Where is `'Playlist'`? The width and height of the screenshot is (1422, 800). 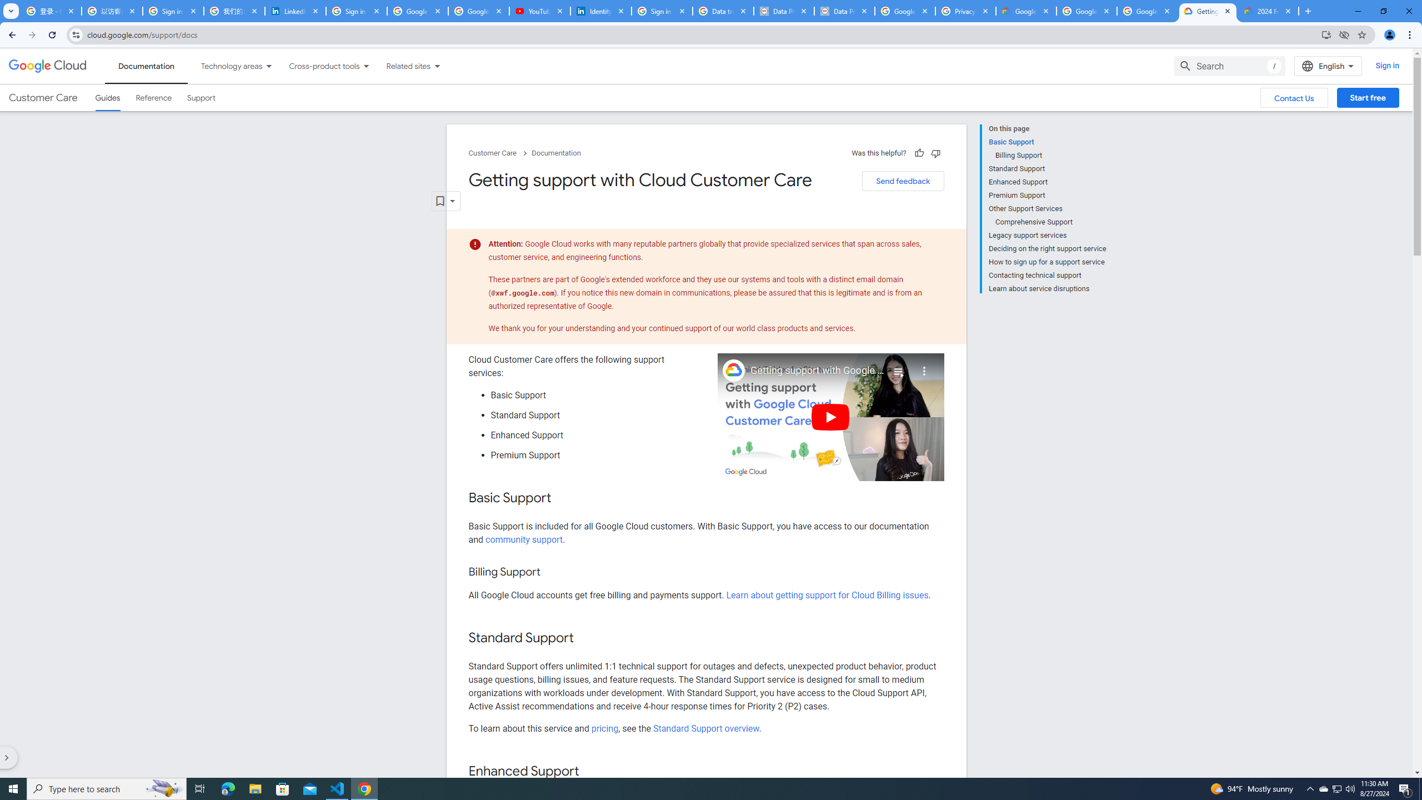 'Playlist' is located at coordinates (897, 366).